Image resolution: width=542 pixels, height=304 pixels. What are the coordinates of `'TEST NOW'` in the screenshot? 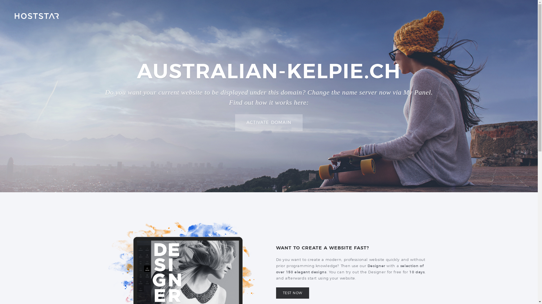 It's located at (276, 293).